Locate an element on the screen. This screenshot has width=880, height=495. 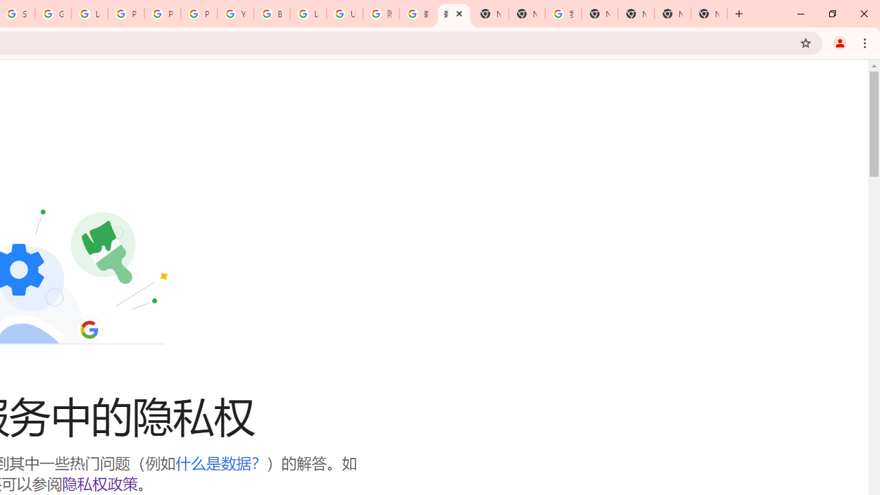
'Privacy Help Center - Policies Help' is located at coordinates (162, 14).